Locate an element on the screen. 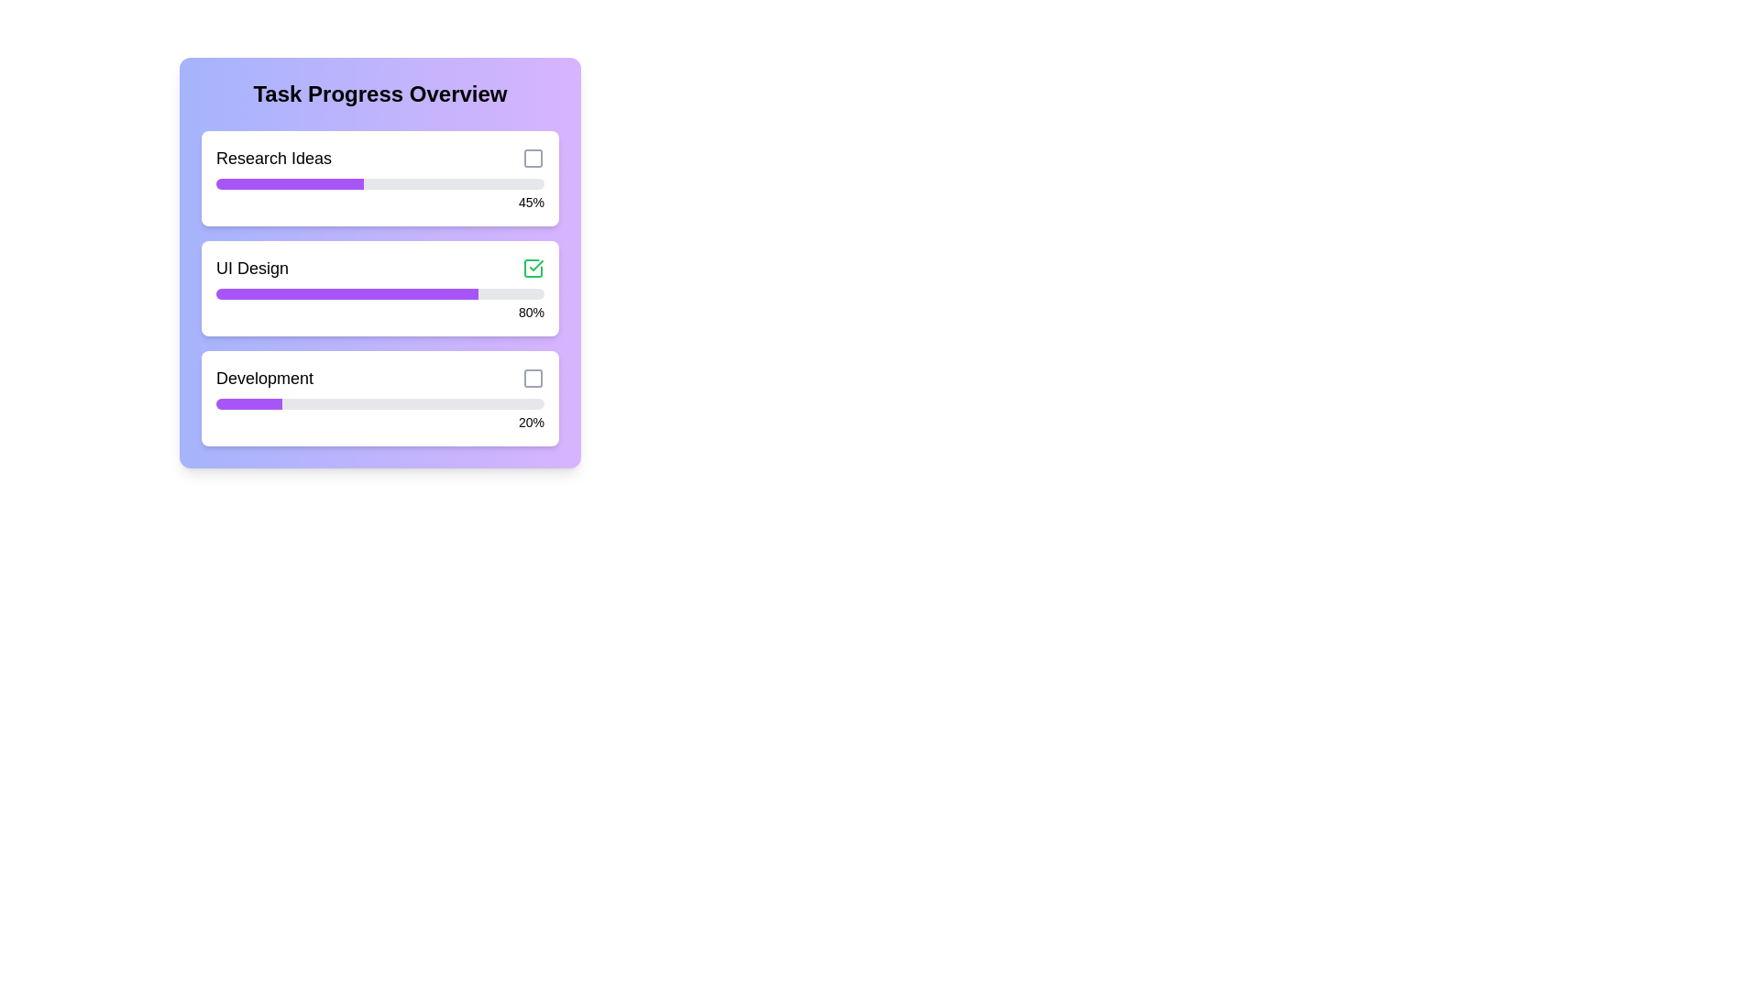 The width and height of the screenshot is (1760, 990). the square-shaped interactive icon with a gray border located is located at coordinates (532, 158).